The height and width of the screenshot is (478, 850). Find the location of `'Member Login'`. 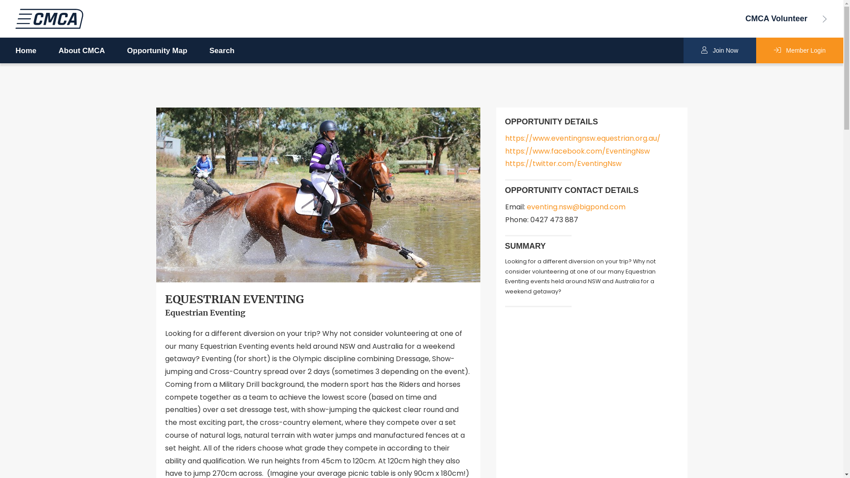

'Member Login' is located at coordinates (756, 50).